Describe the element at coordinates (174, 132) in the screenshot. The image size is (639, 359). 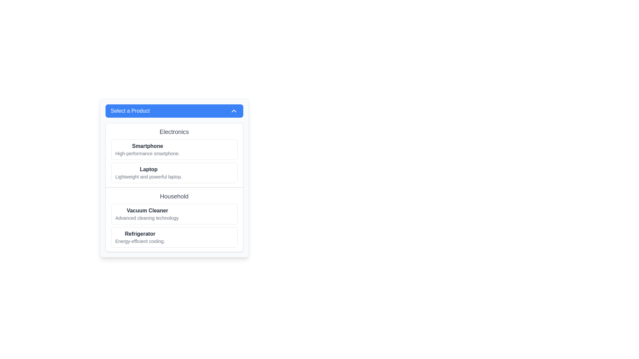
I see `text label displaying 'Electronics' which is styled in a grayish tone and serves as a category header above the list items 'Smartphone' and 'Laptop'` at that location.